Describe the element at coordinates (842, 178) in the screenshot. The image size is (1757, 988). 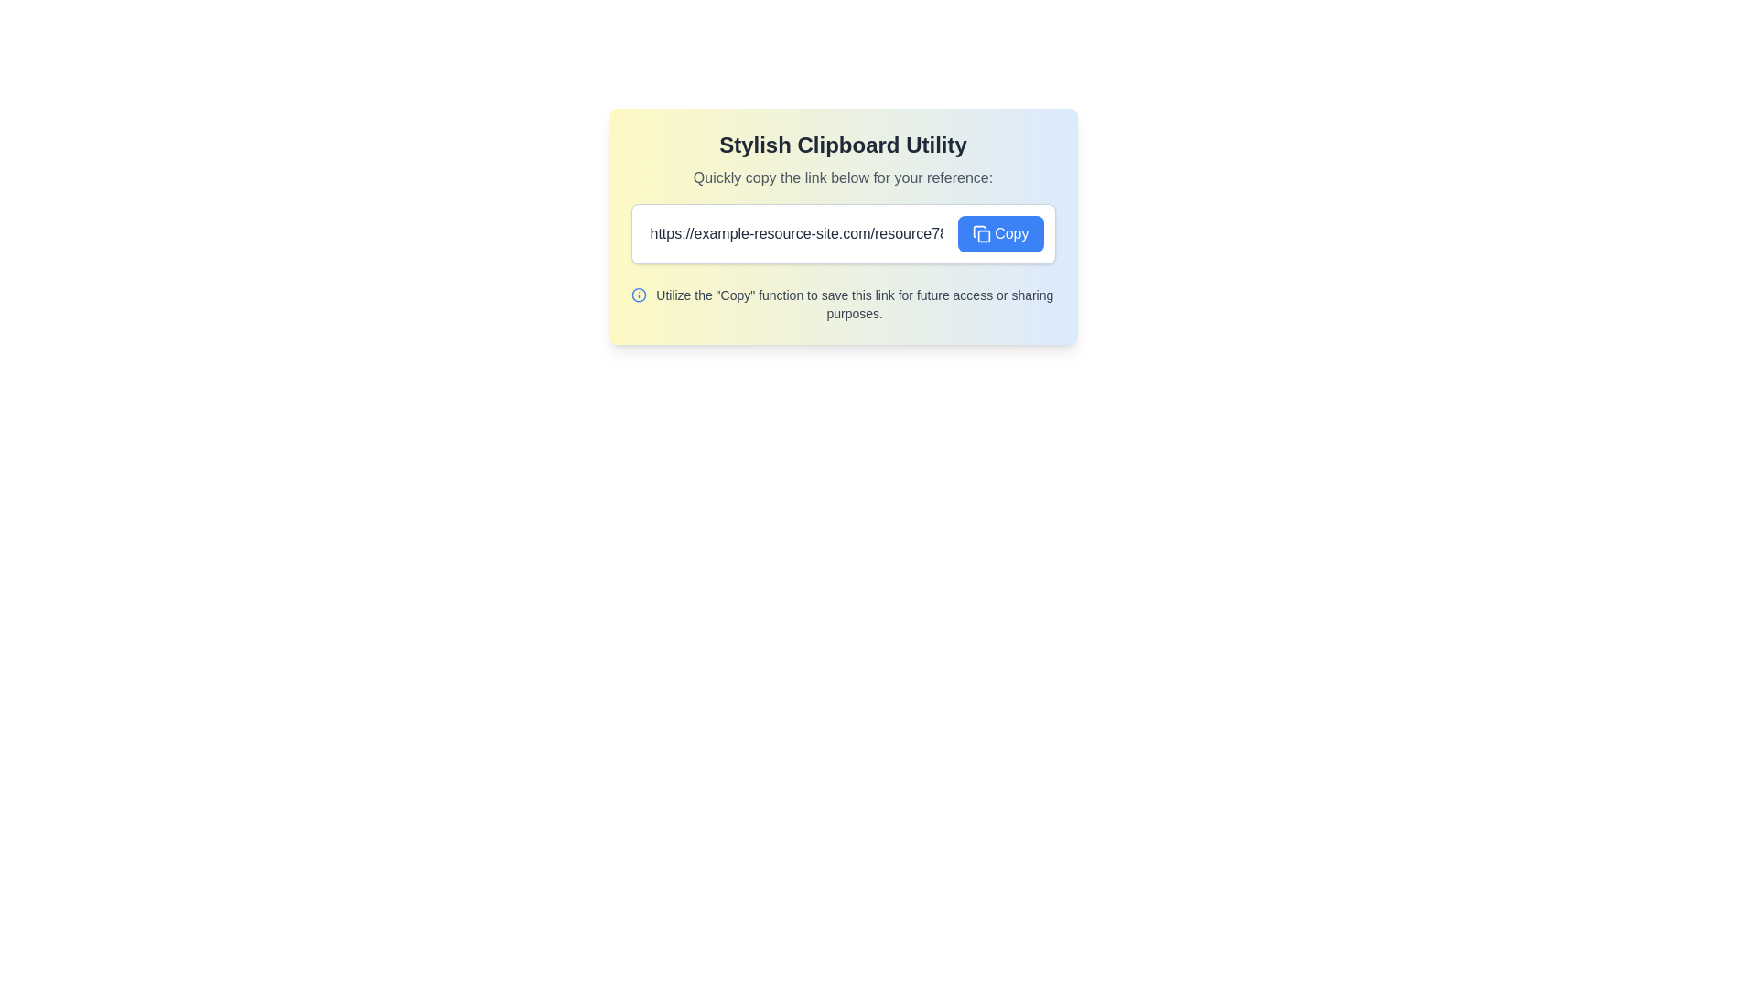
I see `the text label displaying 'Quickly copy the link below for your reference:' which is located below the title 'Stylish Clipboard Utility'` at that location.